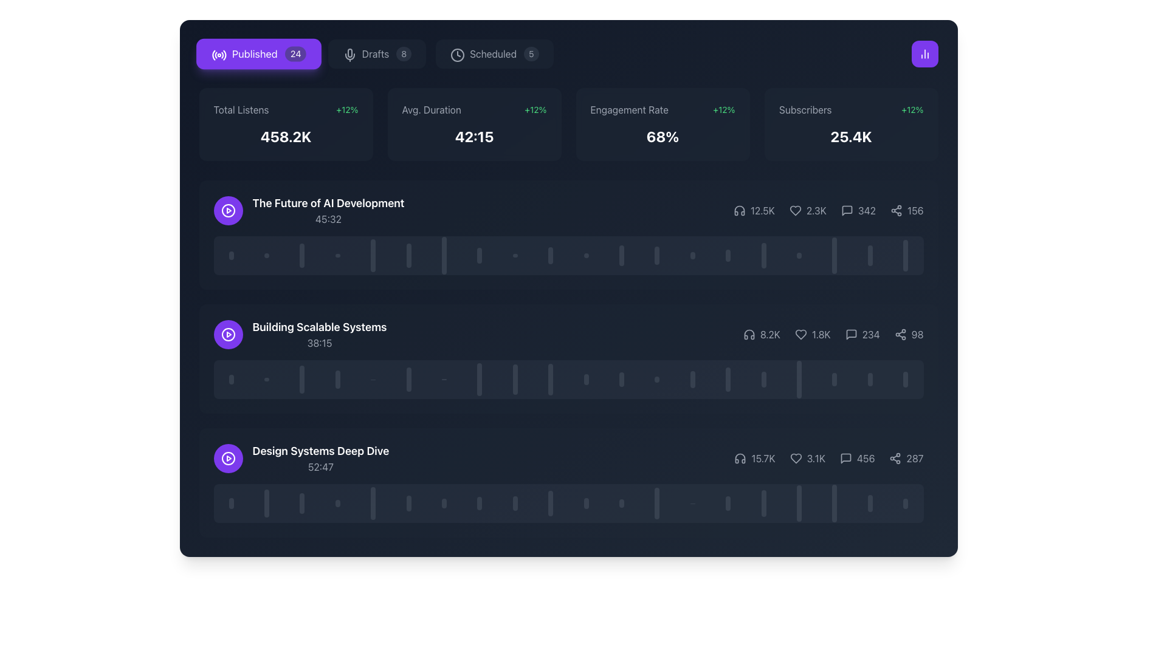 This screenshot has width=1167, height=656. Describe the element at coordinates (692, 255) in the screenshot. I see `the thirteenth visual representation element in a horizontally aligned group of progress bars, located in the center of a dark block` at that location.